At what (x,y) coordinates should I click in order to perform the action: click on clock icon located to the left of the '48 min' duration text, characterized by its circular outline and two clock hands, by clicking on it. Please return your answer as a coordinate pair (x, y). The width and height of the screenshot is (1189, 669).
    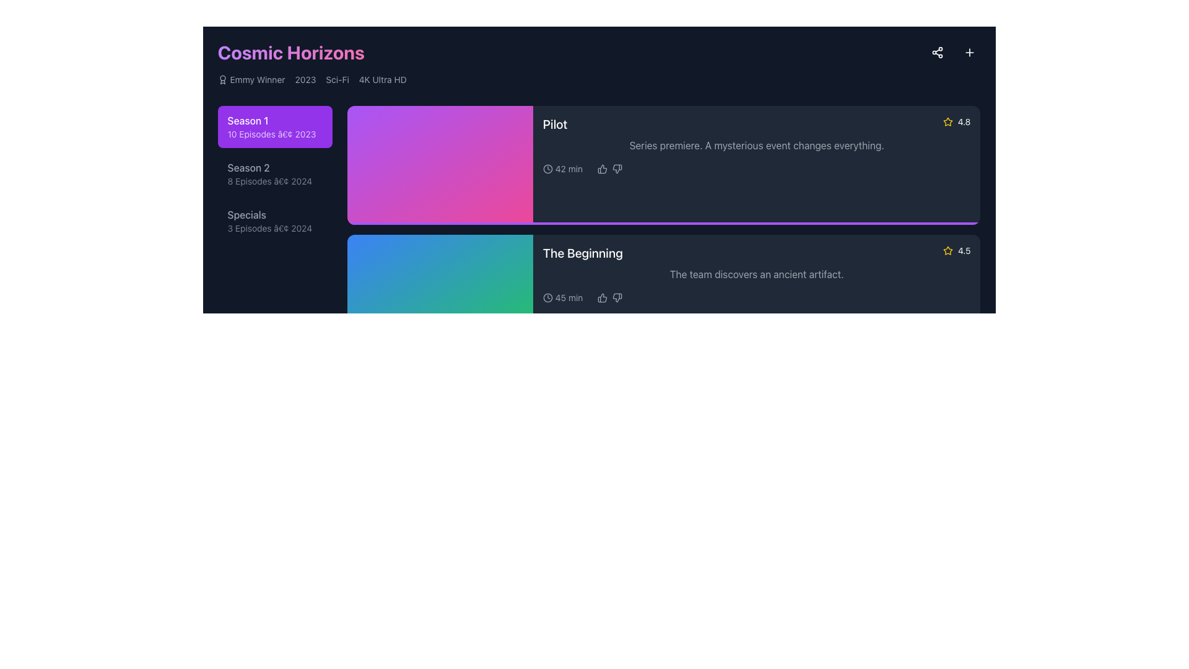
    Looking at the image, I should click on (547, 426).